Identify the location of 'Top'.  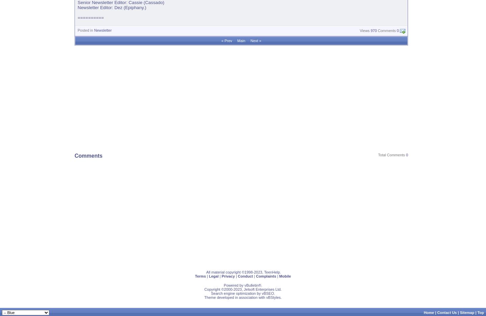
(481, 312).